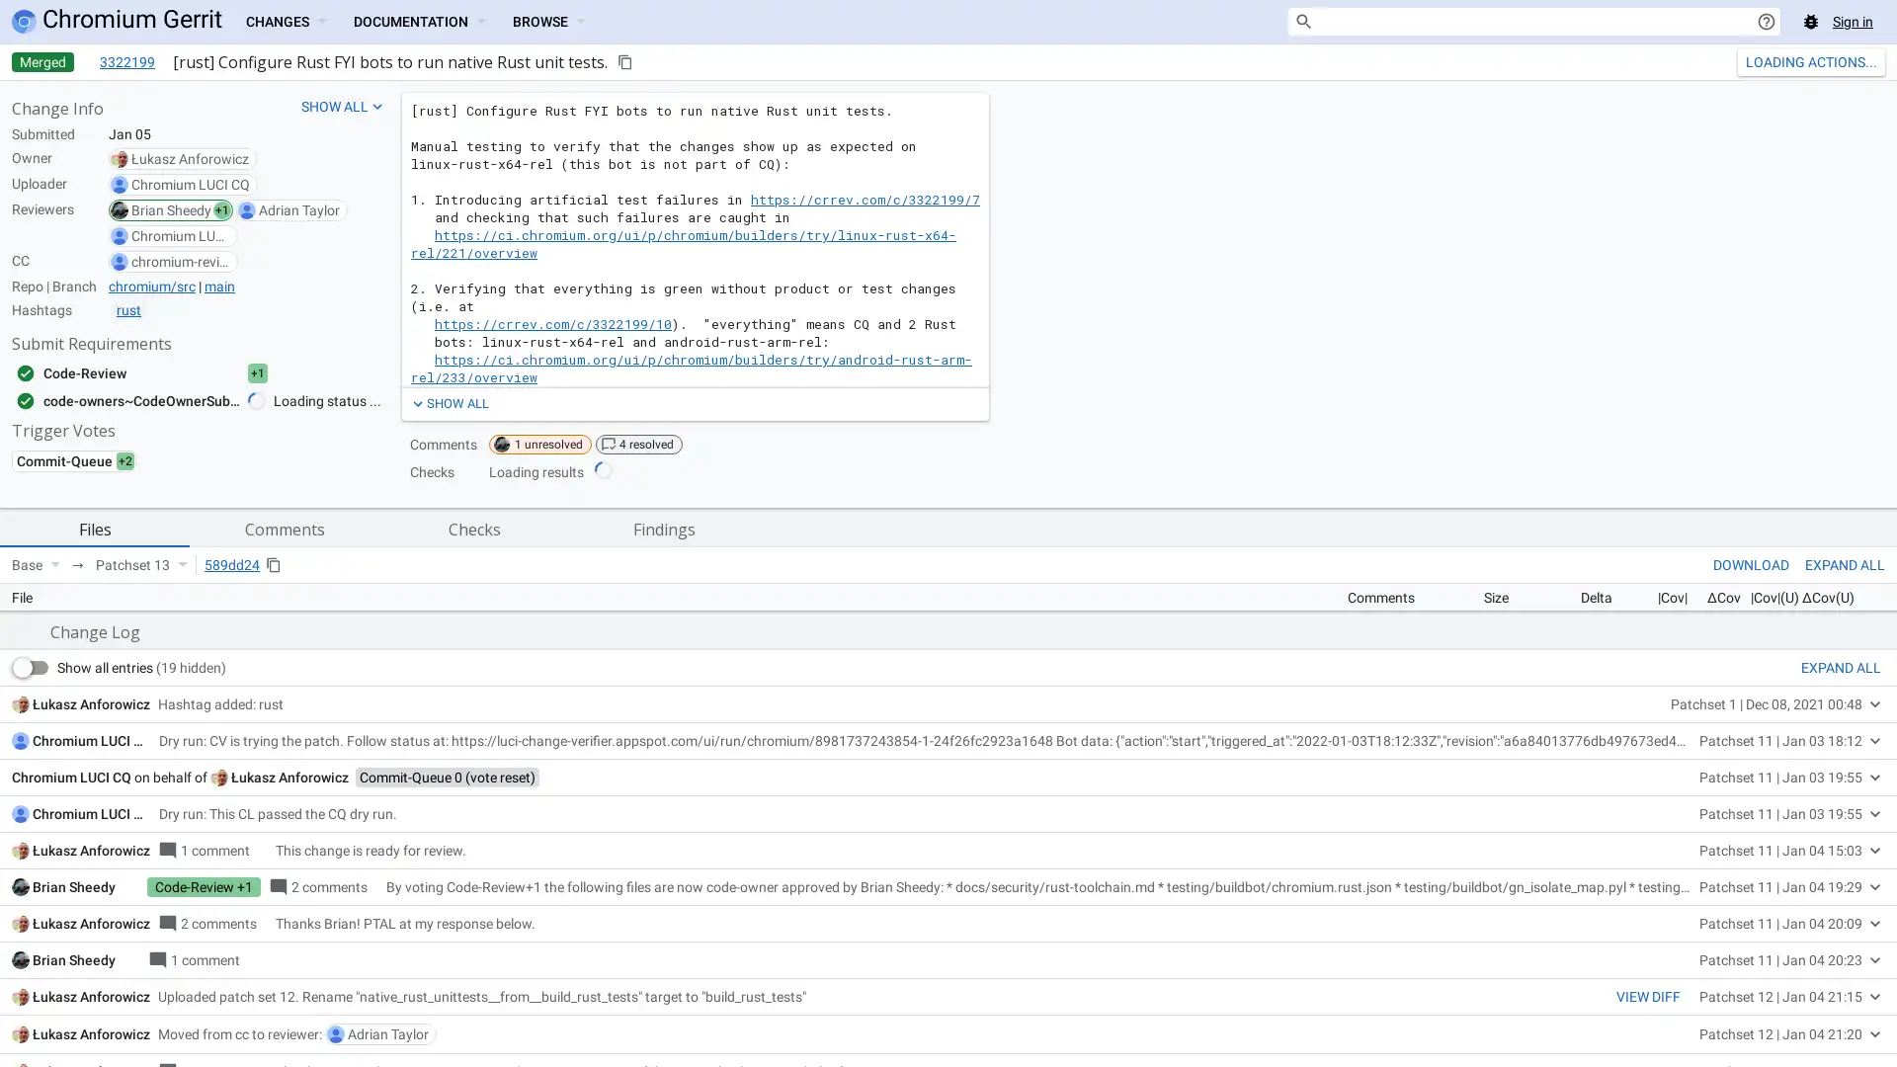  Describe the element at coordinates (90, 1014) in the screenshot. I see `Chromium LUCI CQ` at that location.